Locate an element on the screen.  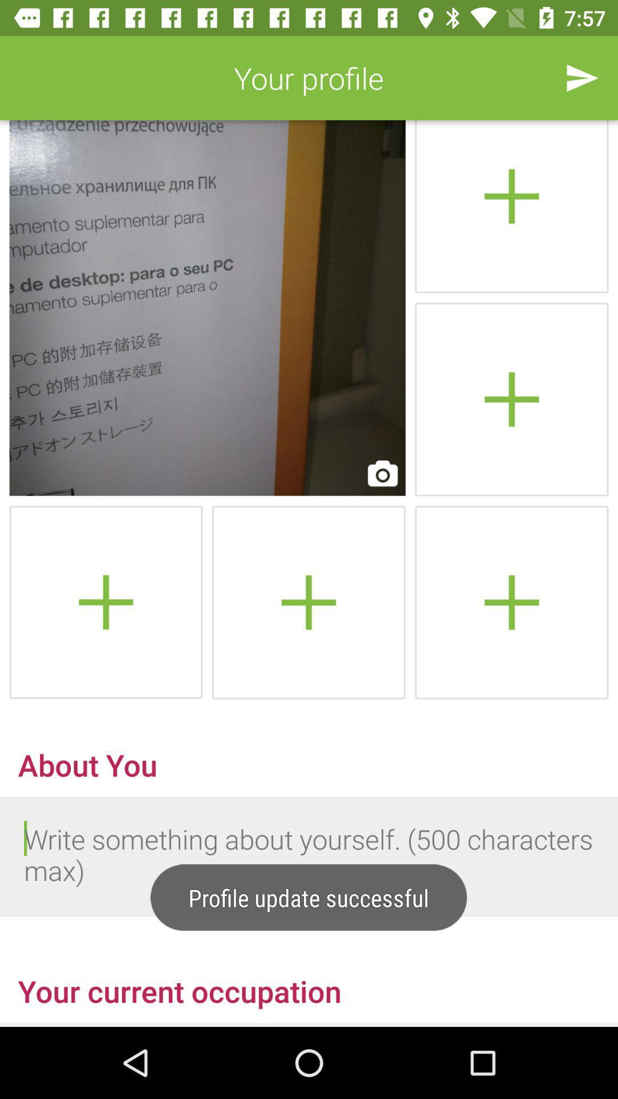
image is located at coordinates (106, 602).